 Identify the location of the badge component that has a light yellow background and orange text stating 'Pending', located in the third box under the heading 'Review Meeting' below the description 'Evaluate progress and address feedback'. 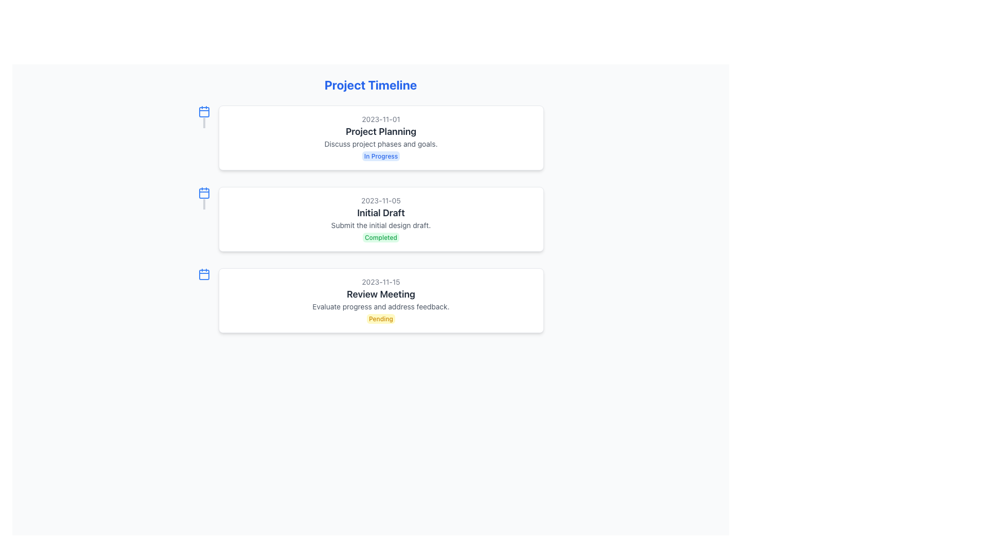
(380, 318).